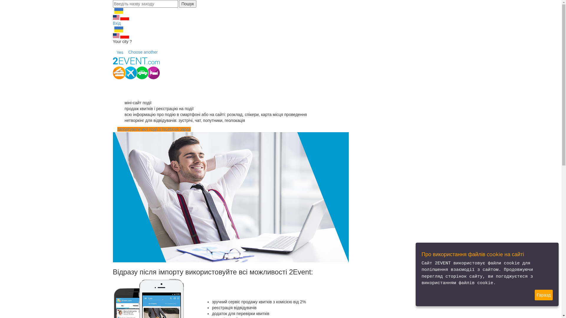  Describe the element at coordinates (119, 52) in the screenshot. I see `'Yes'` at that location.